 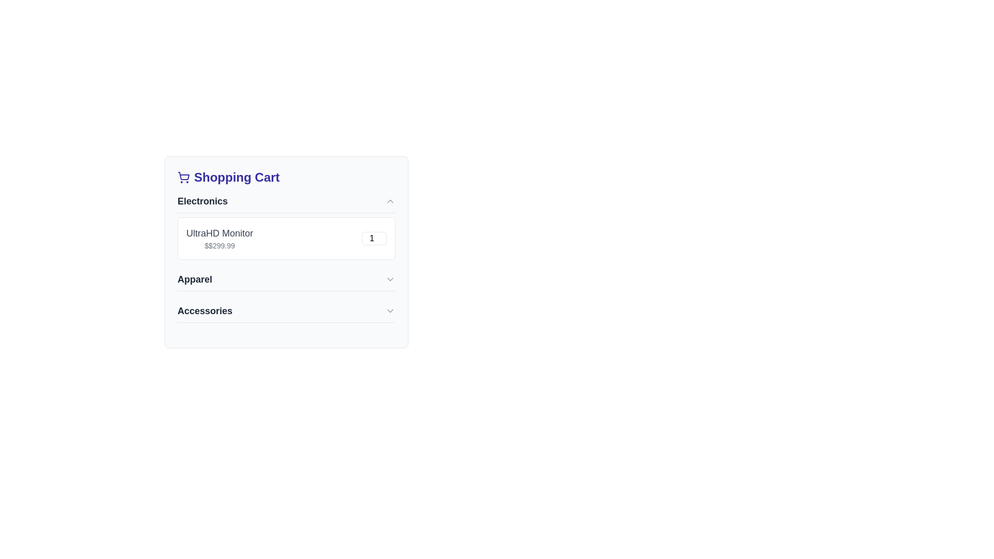 What do you see at coordinates (286, 252) in the screenshot?
I see `the product listing card in the shopping cart interface under the 'Electronics' section` at bounding box center [286, 252].